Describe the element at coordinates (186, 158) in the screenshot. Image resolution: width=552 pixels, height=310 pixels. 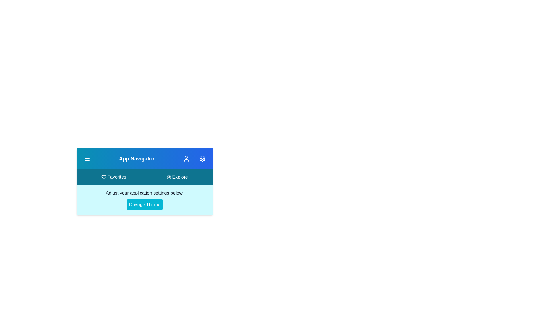
I see `the keyboard interaction on the user icon button` at that location.